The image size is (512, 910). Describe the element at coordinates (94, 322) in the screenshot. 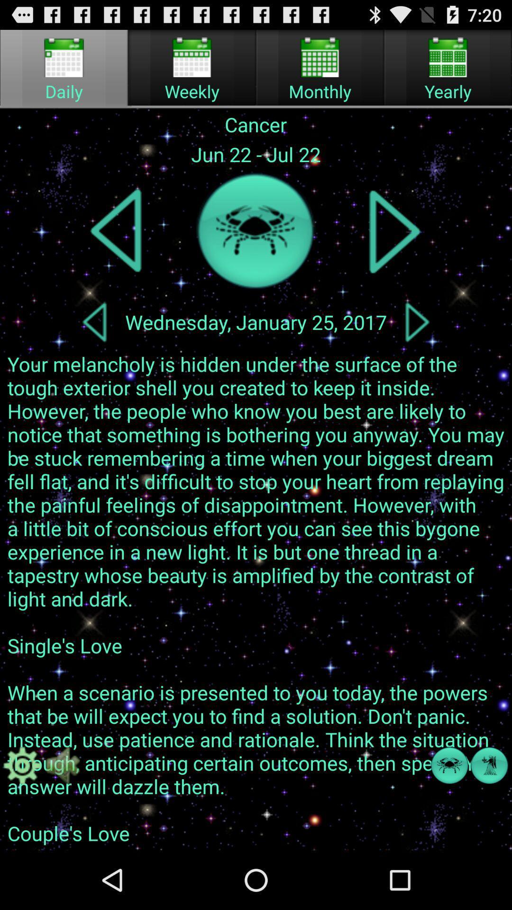

I see `go back` at that location.